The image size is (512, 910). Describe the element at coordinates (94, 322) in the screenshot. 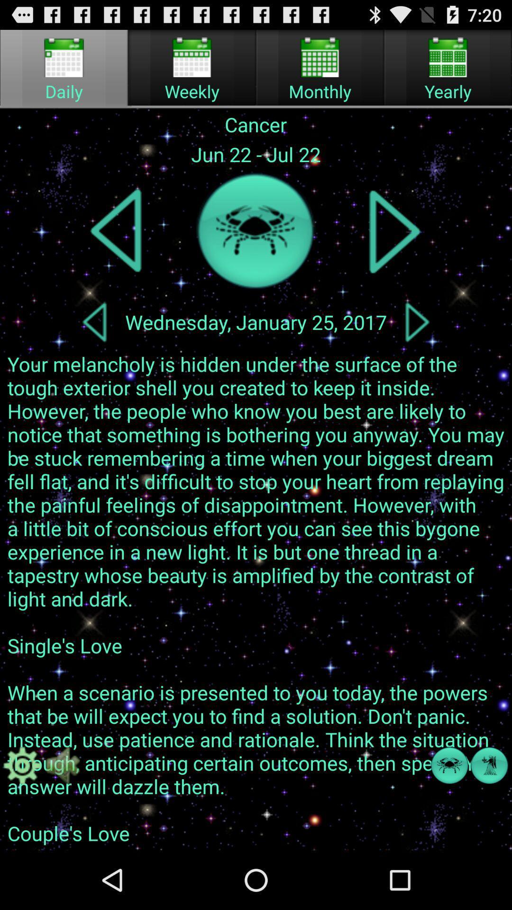

I see `go back` at that location.